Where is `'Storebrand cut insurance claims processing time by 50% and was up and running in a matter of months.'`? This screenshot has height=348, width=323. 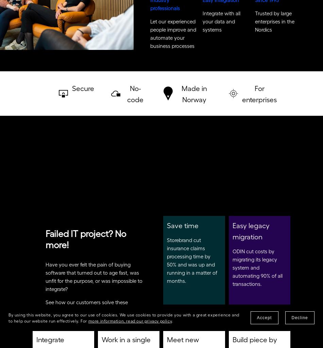 'Storebrand cut insurance claims processing time by 50% and was up and running in a matter of months.' is located at coordinates (192, 262).